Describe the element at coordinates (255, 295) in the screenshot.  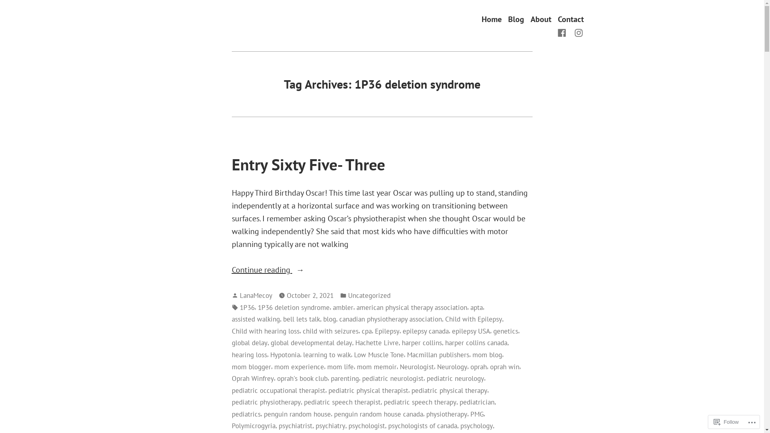
I see `'LanaMecoy'` at that location.